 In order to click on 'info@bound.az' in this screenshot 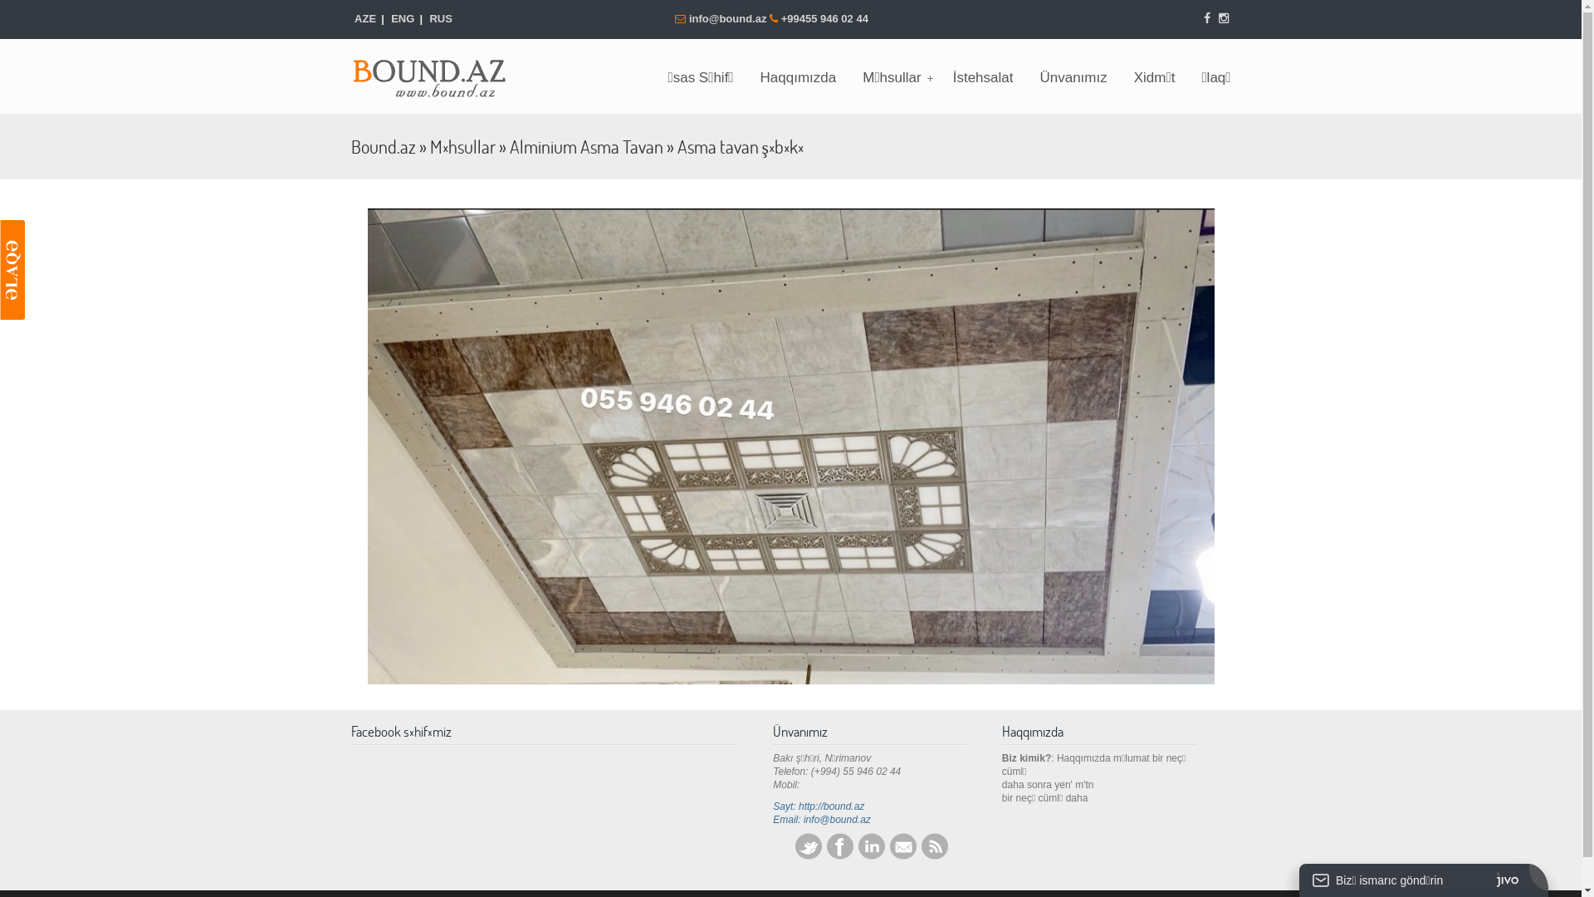, I will do `click(689, 18)`.